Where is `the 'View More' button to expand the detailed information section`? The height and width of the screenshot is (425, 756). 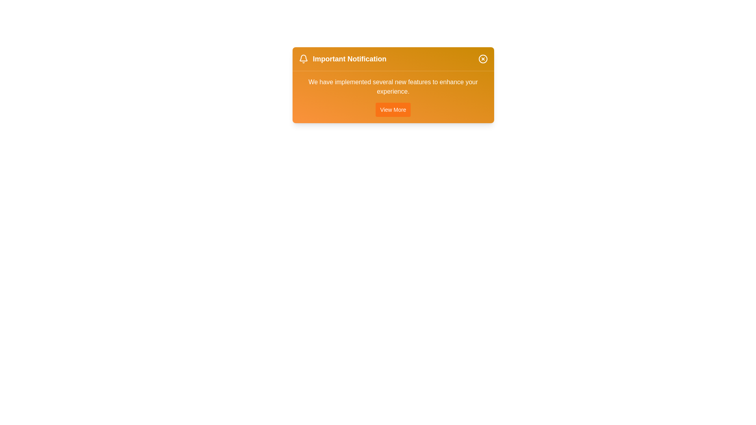
the 'View More' button to expand the detailed information section is located at coordinates (393, 109).